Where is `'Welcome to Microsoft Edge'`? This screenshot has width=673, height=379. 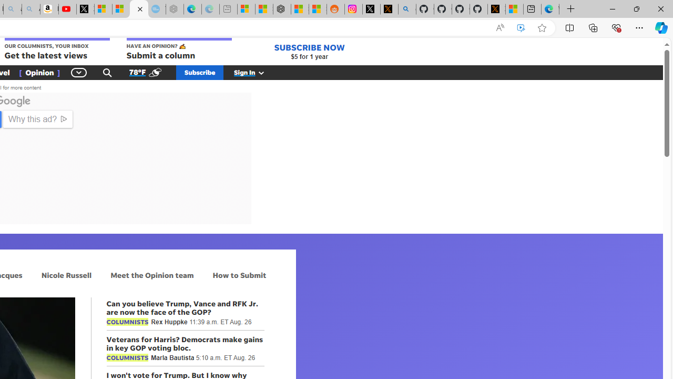 'Welcome to Microsoft Edge' is located at coordinates (550, 9).